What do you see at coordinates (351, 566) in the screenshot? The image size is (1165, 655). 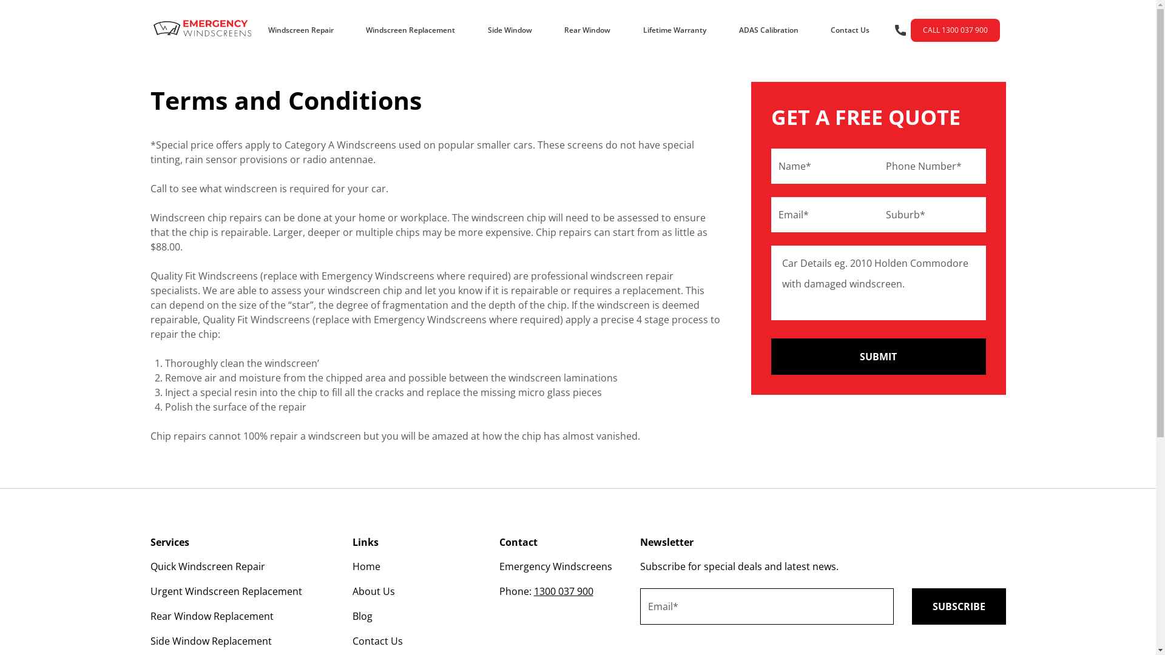 I see `'Home'` at bounding box center [351, 566].